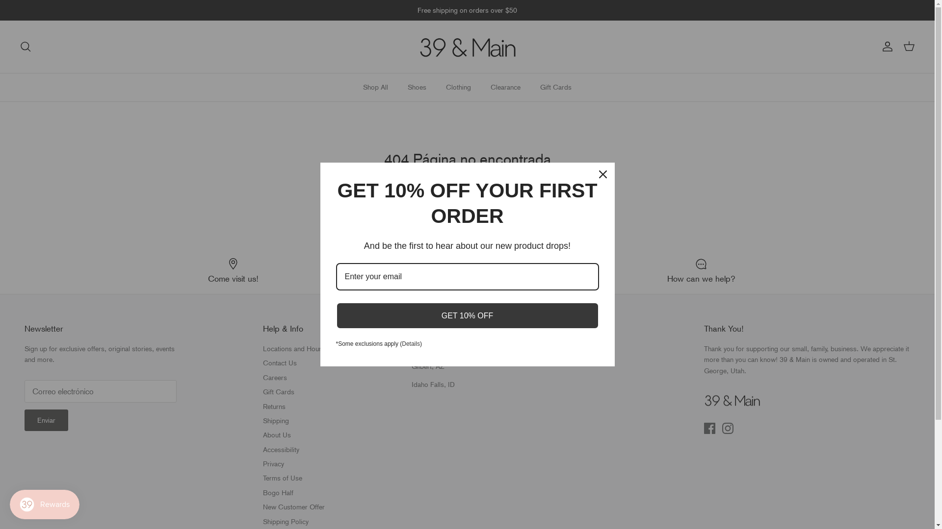  Describe the element at coordinates (282, 477) in the screenshot. I see `'Terms of Use'` at that location.